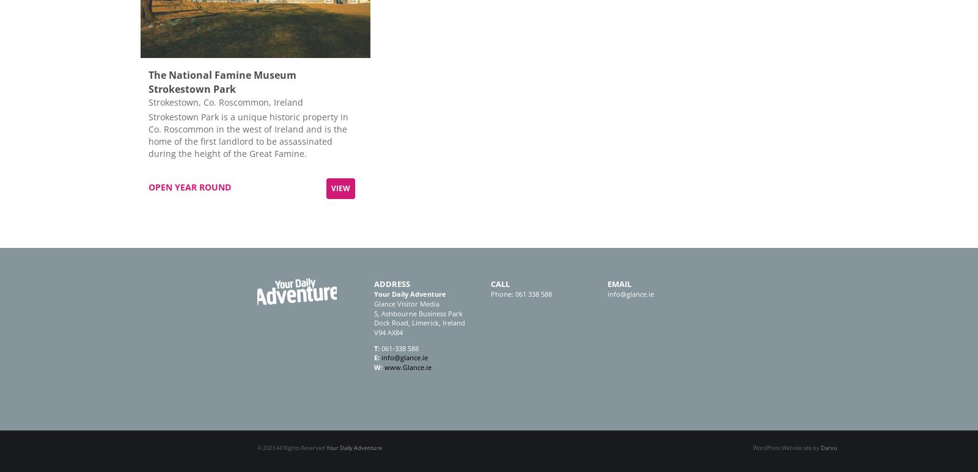 The width and height of the screenshot is (978, 472). Describe the element at coordinates (222, 81) in the screenshot. I see `'The National Famine Museum Strokestown Park'` at that location.